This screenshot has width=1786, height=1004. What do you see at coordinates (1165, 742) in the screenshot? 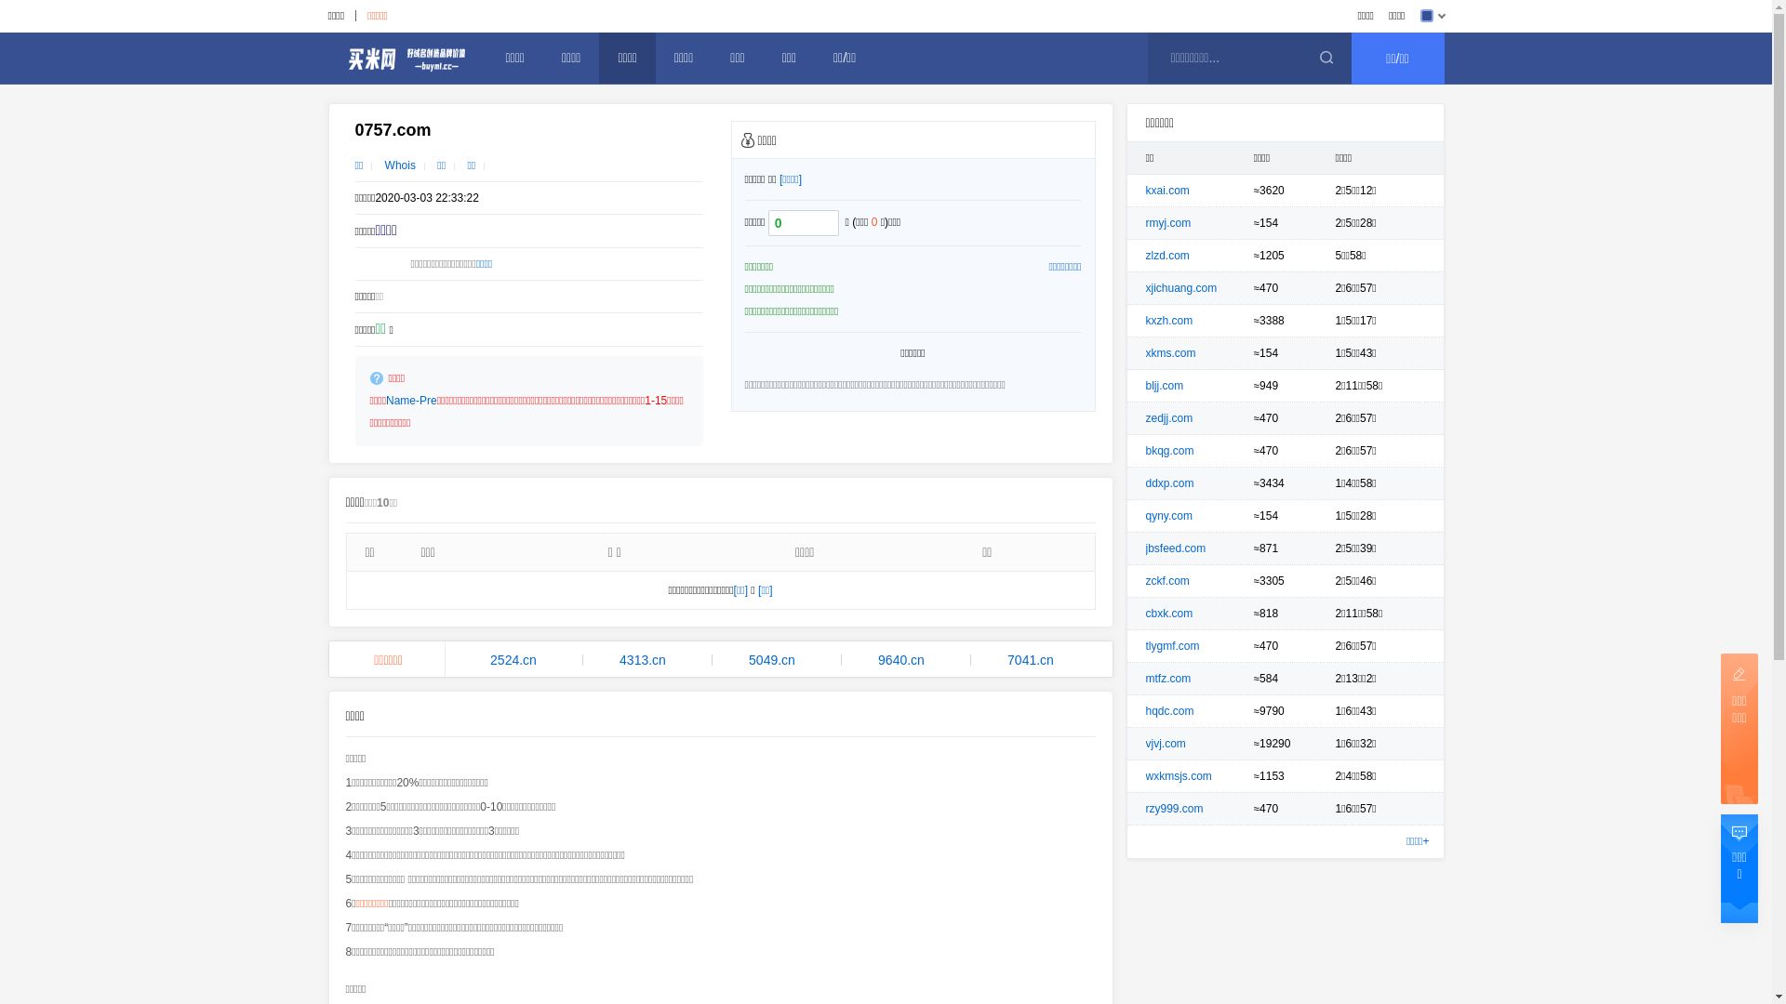
I see `'vjvj.com'` at bounding box center [1165, 742].